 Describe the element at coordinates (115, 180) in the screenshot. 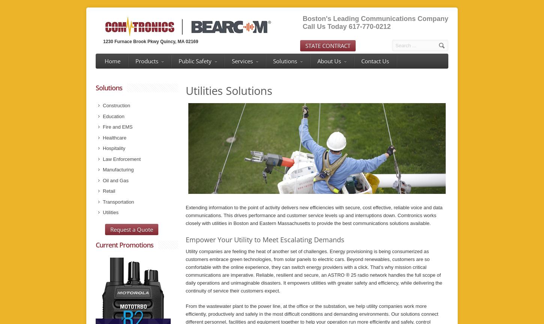

I see `'Oil and Gas'` at that location.